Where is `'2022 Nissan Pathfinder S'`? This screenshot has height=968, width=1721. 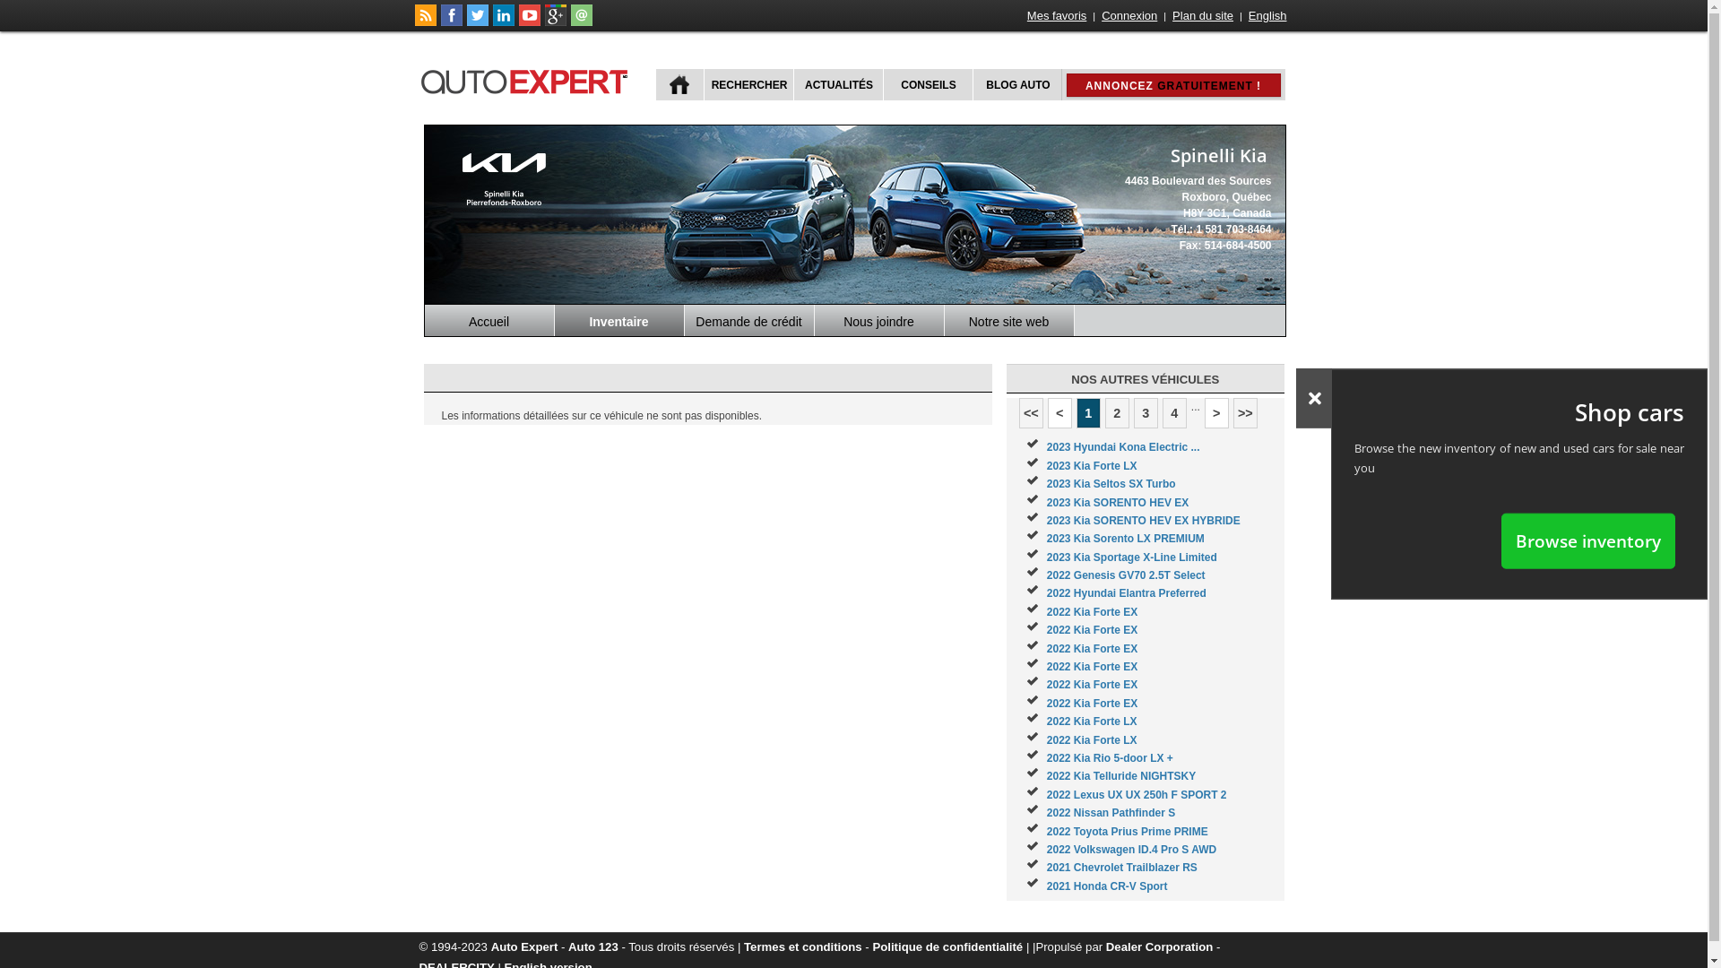
'2022 Nissan Pathfinder S' is located at coordinates (1046, 812).